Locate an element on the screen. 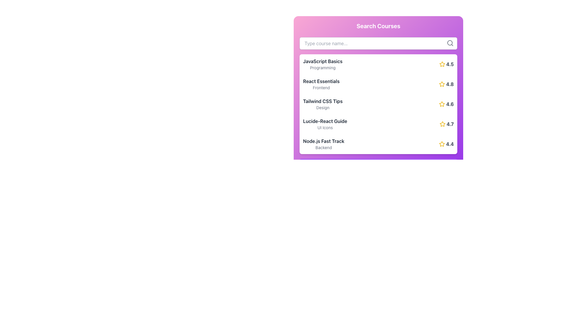 The height and width of the screenshot is (317, 565). the star icon with a yellow outline, indicating a rating of 4.4, located in the bottom-right corner of the card area to interact with its rating functionality is located at coordinates (442, 144).